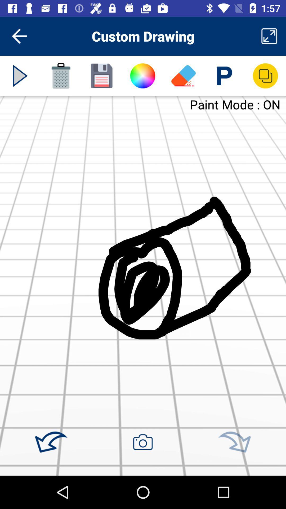 The image size is (286, 509). What do you see at coordinates (234, 442) in the screenshot?
I see `rotate right` at bounding box center [234, 442].